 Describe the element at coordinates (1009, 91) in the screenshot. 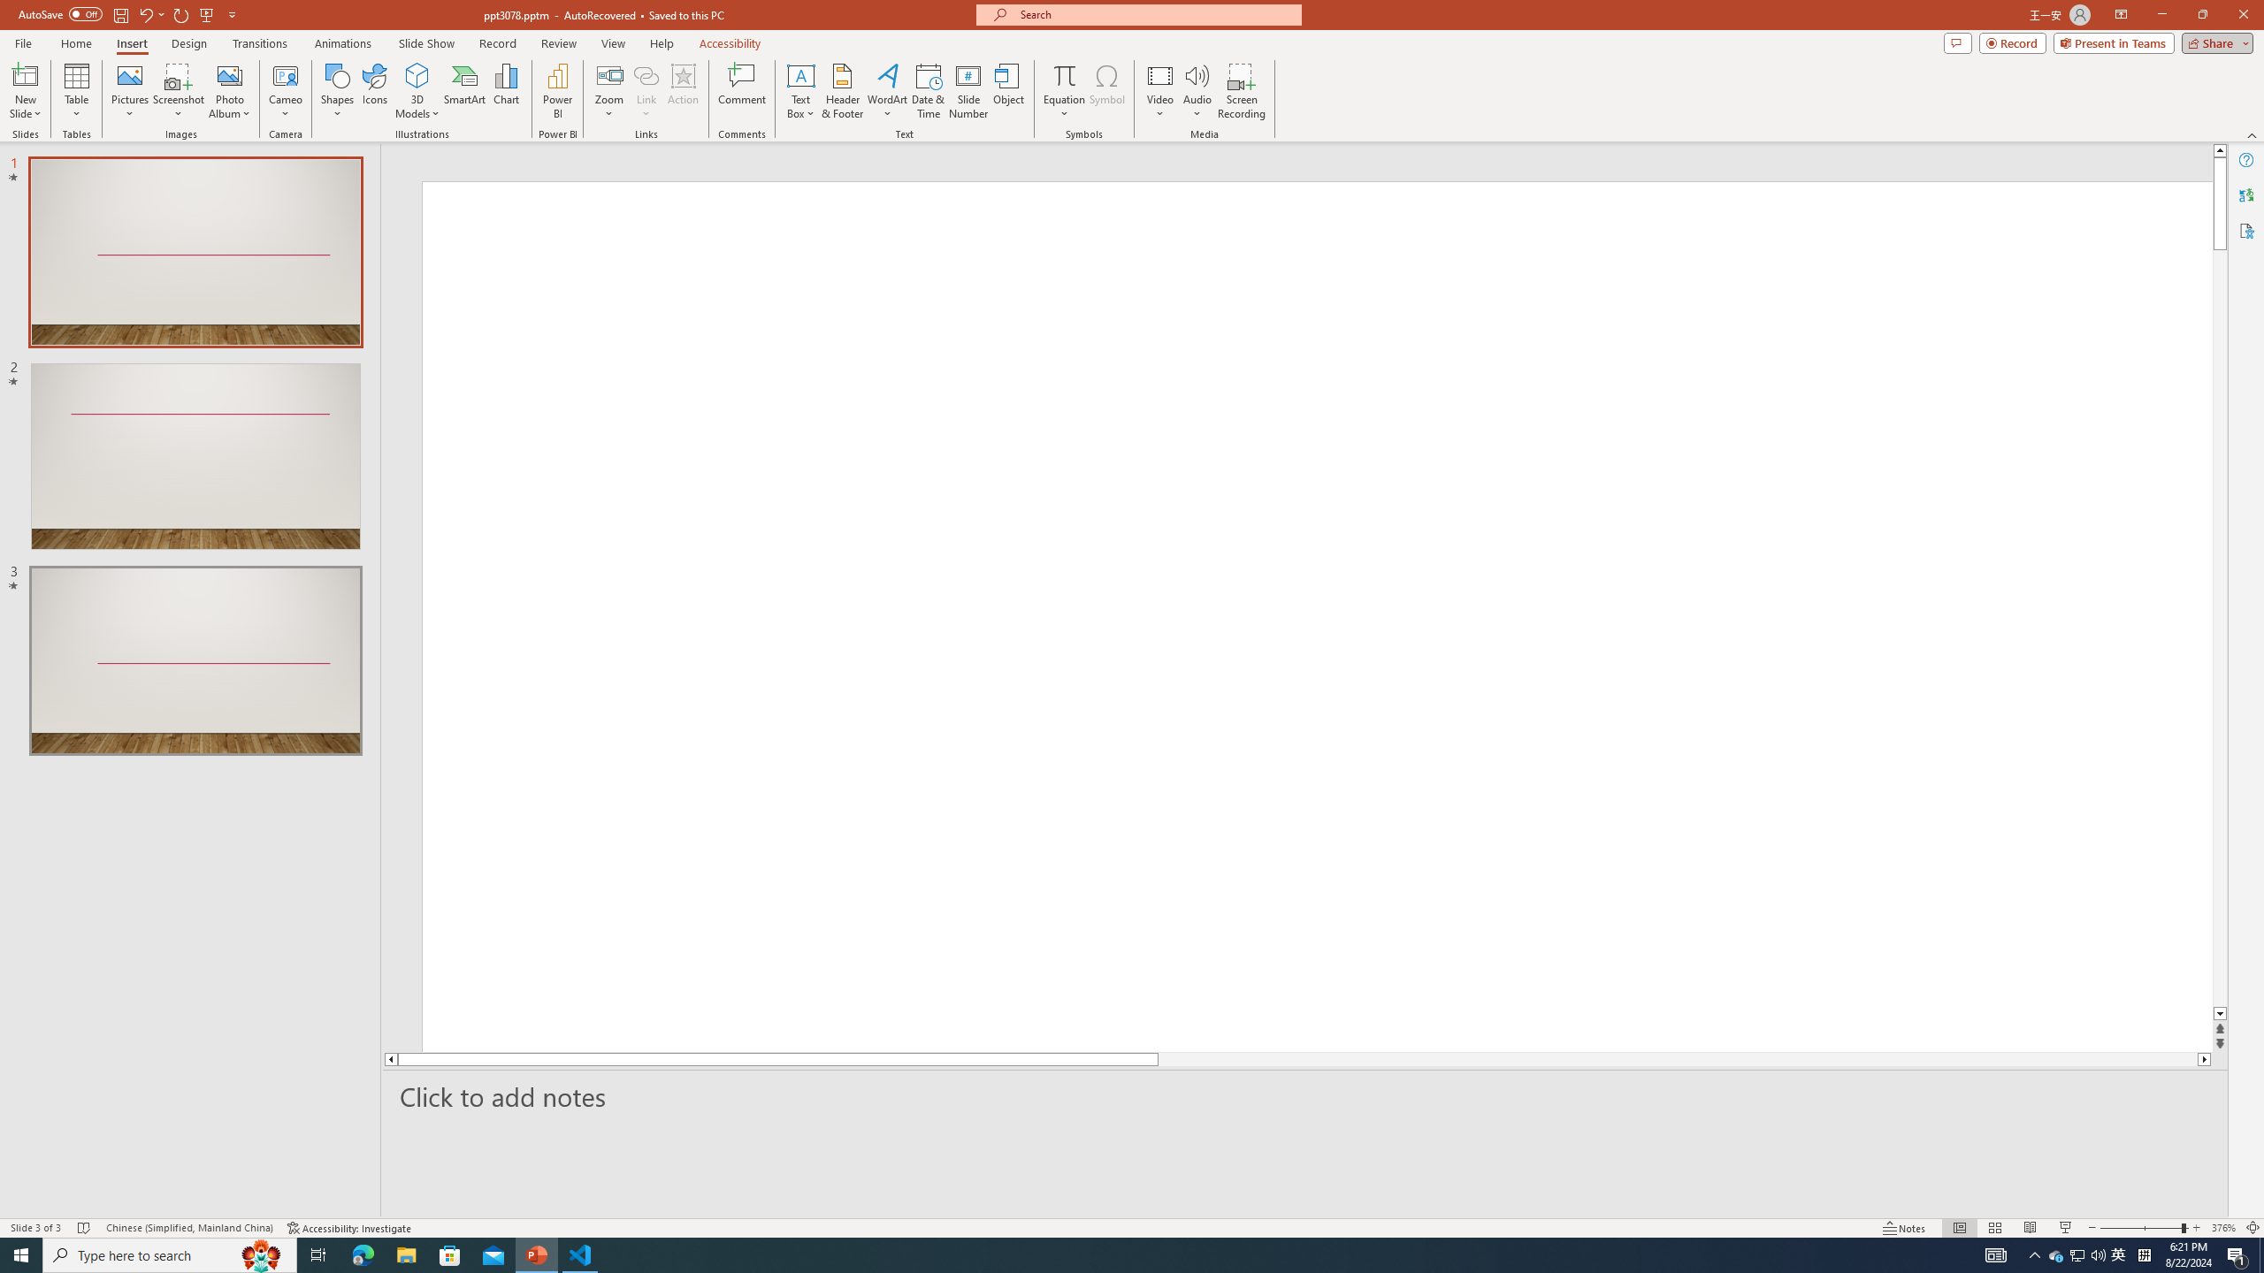

I see `'Object...'` at that location.